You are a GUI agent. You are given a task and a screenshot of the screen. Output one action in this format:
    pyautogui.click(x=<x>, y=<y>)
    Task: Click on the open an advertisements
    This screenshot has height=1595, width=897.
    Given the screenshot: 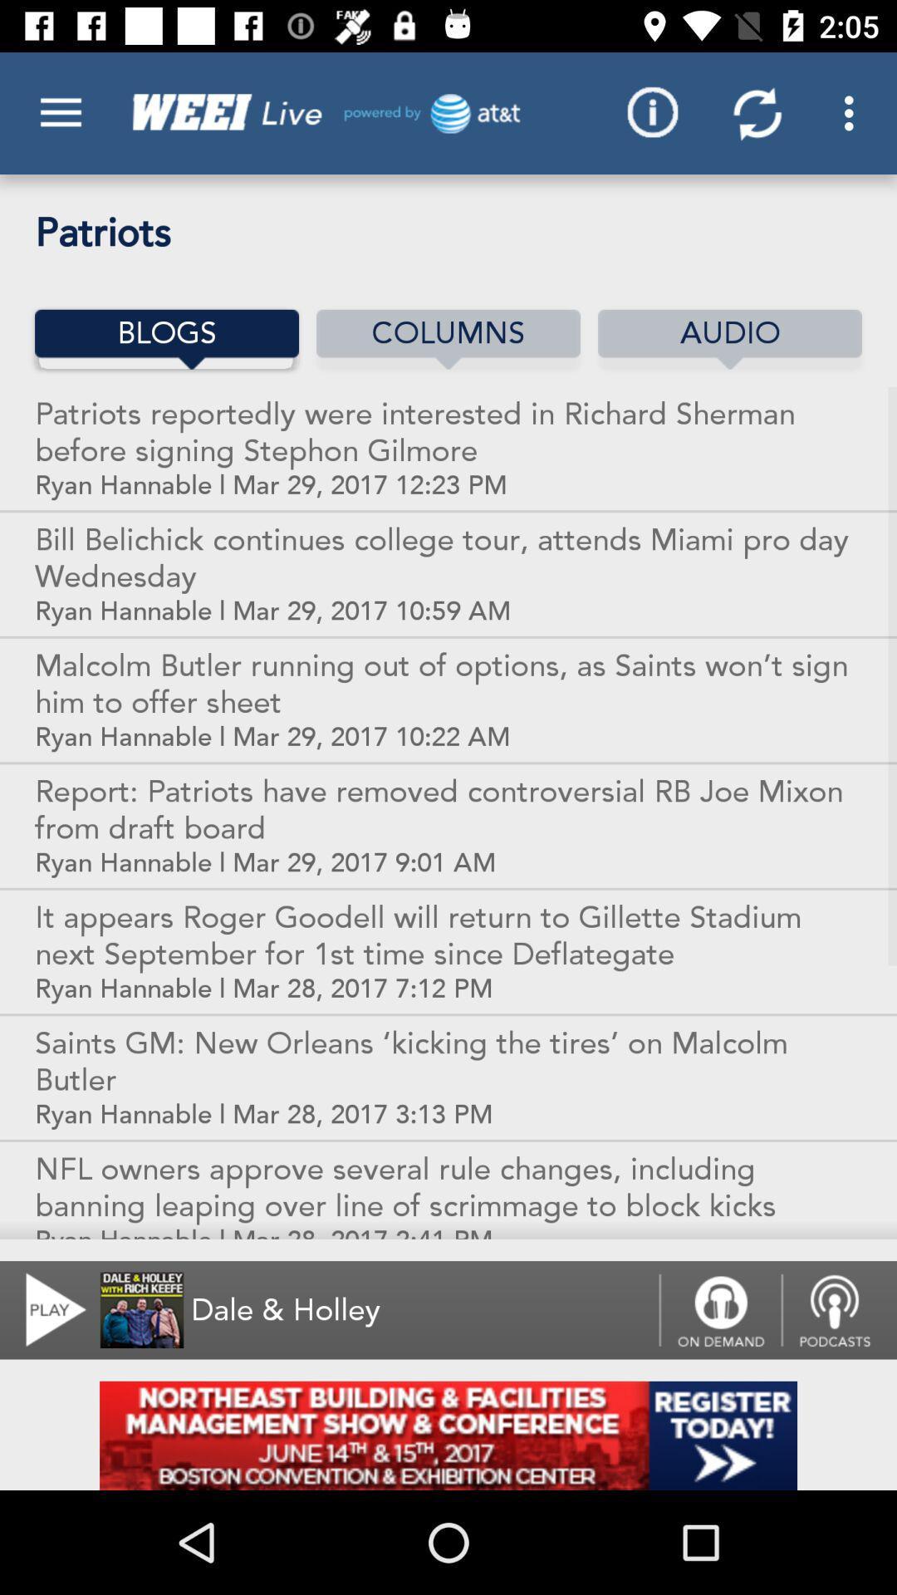 What is the action you would take?
    pyautogui.click(x=448, y=1435)
    